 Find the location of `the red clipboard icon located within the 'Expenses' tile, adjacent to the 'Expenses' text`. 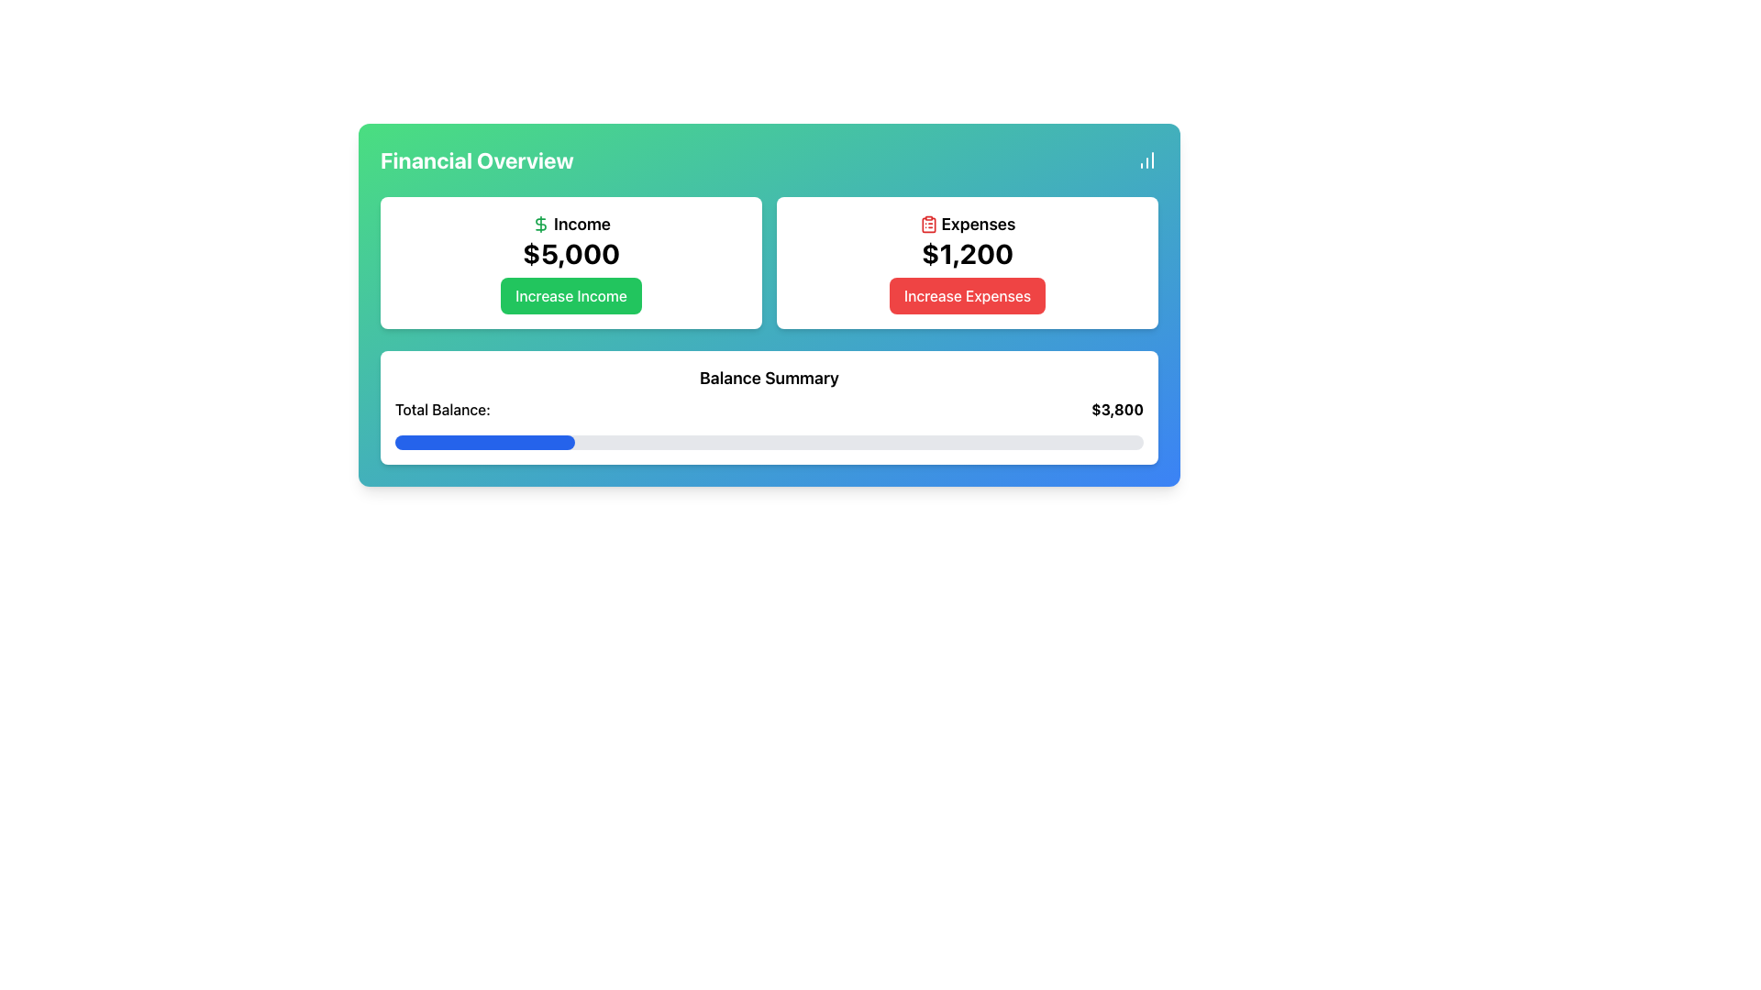

the red clipboard icon located within the 'Expenses' tile, adjacent to the 'Expenses' text is located at coordinates (928, 224).